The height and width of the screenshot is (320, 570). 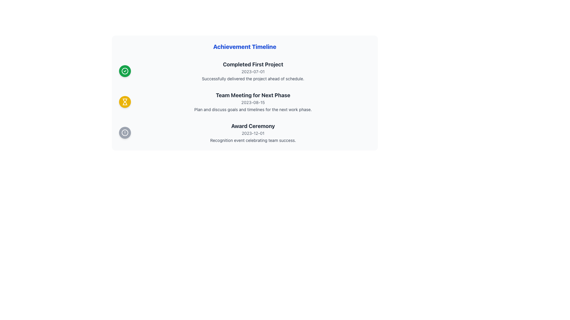 I want to click on milestone details including the heading 'Completed First Project', date '2023-07-01', and description 'Successfully delivered the project ahead of schedule.', so click(x=253, y=71).